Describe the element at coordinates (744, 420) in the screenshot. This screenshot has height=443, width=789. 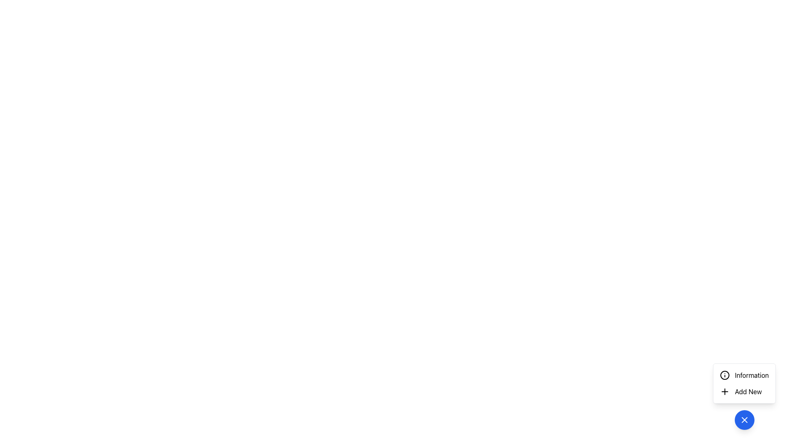
I see `the 'X' icon located in the lower-right corner of the interface within a circular blue button` at that location.